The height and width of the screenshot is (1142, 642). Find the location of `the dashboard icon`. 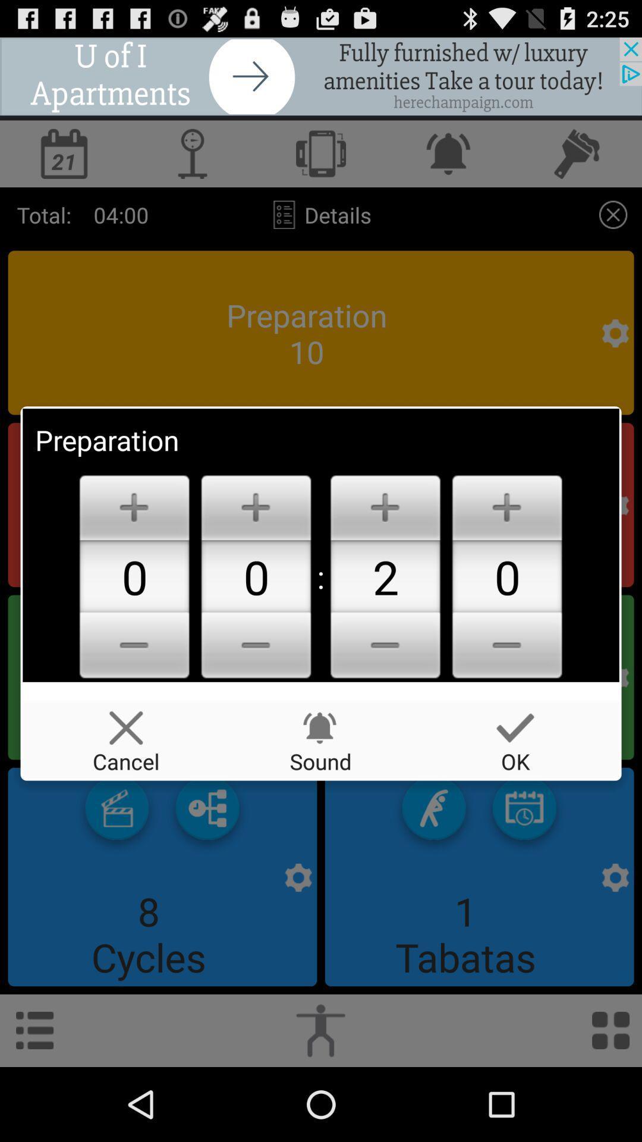

the dashboard icon is located at coordinates (610, 1102).